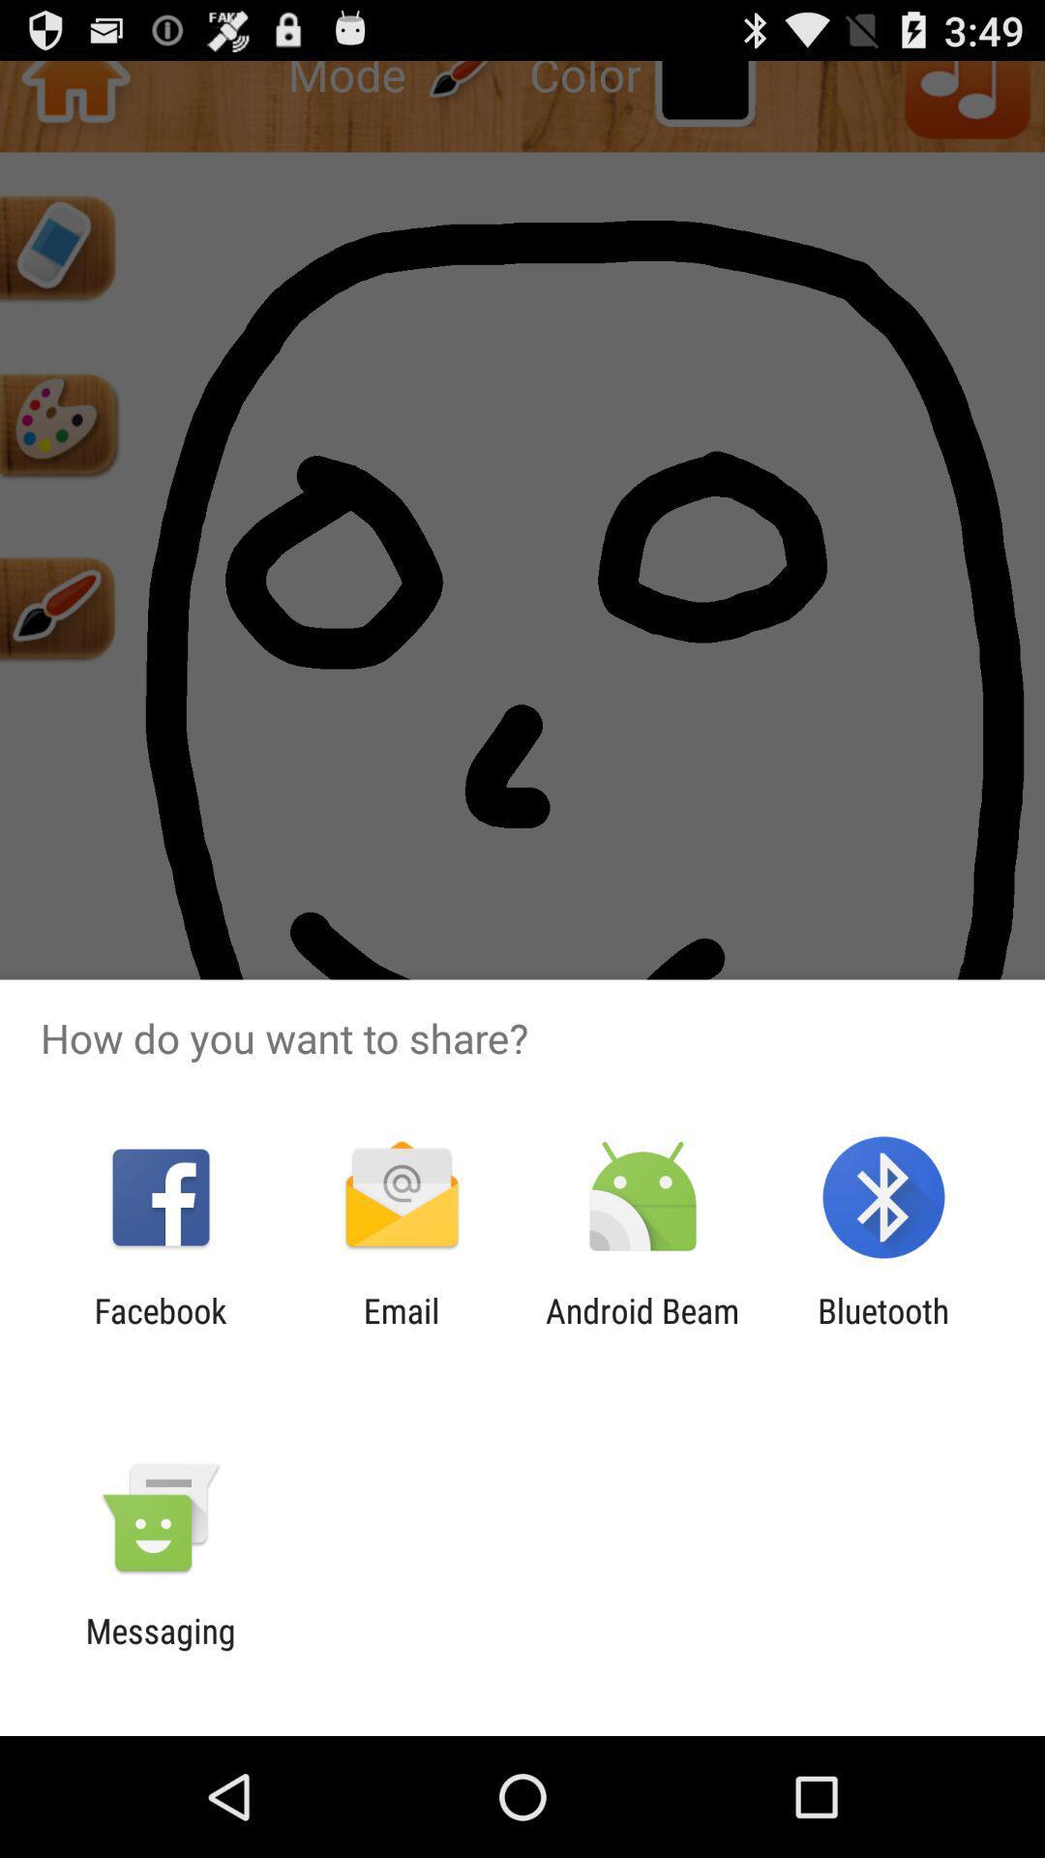  Describe the element at coordinates (642, 1330) in the screenshot. I see `the app to the left of bluetooth` at that location.